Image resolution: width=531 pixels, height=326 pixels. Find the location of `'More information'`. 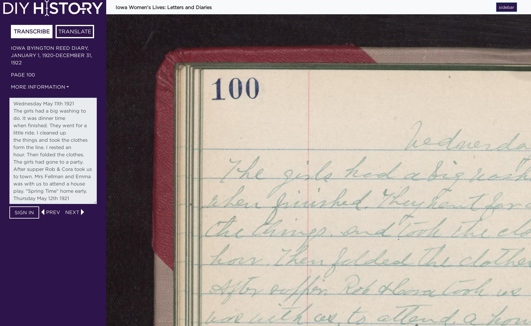

'More information' is located at coordinates (11, 87).